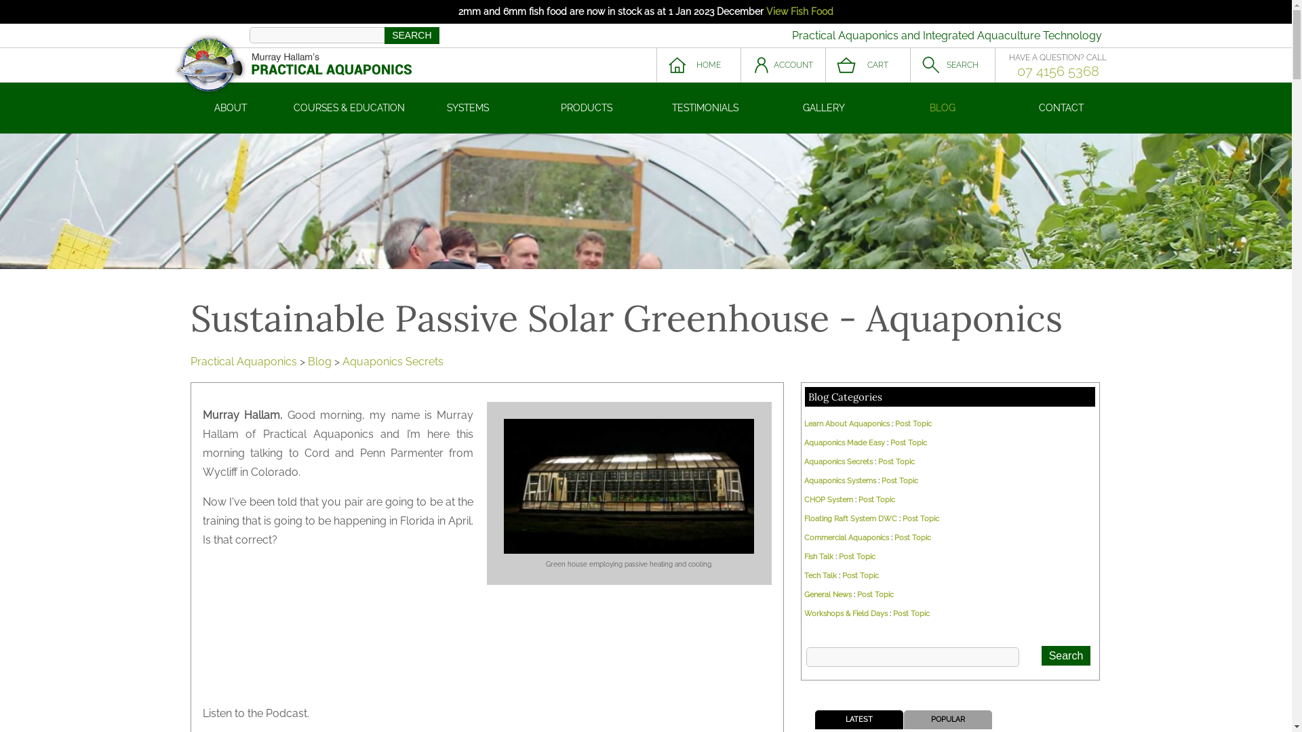 This screenshot has height=732, width=1302. Describe the element at coordinates (349, 107) in the screenshot. I see `'COURSES & EDUCATION'` at that location.